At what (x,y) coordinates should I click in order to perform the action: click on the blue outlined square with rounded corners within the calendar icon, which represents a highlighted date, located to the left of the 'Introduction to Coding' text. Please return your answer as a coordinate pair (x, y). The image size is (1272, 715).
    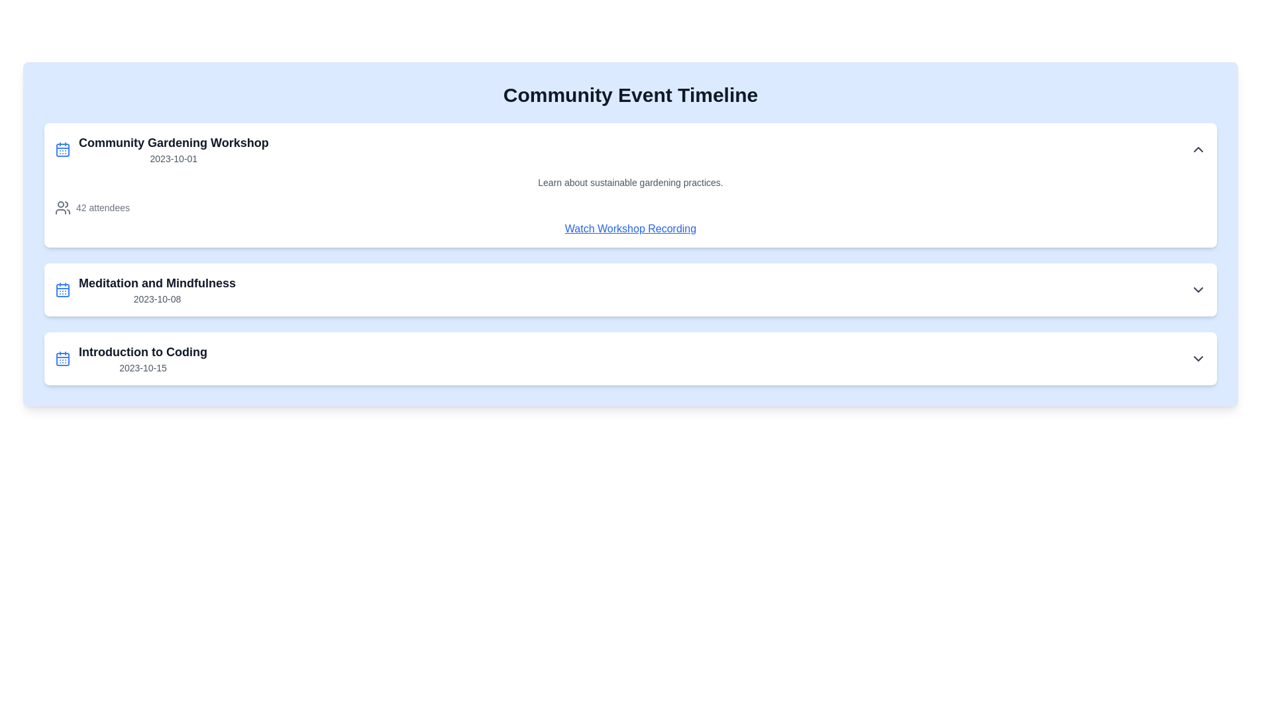
    Looking at the image, I should click on (62, 359).